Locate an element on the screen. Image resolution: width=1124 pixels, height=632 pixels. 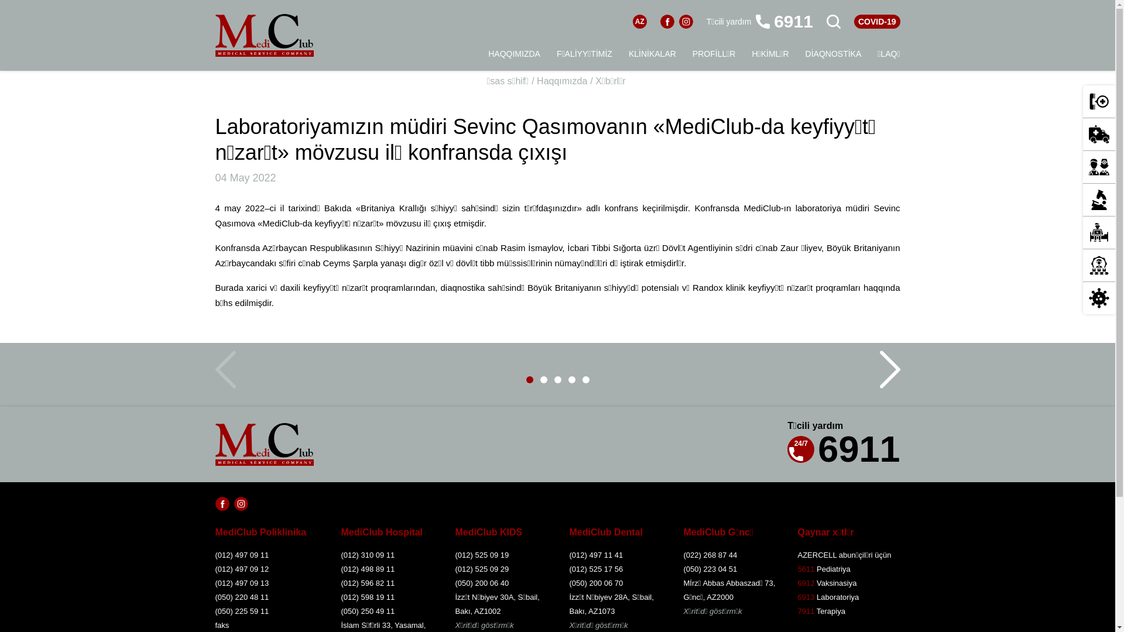
'(050) 223 04 51' is located at coordinates (730, 568).